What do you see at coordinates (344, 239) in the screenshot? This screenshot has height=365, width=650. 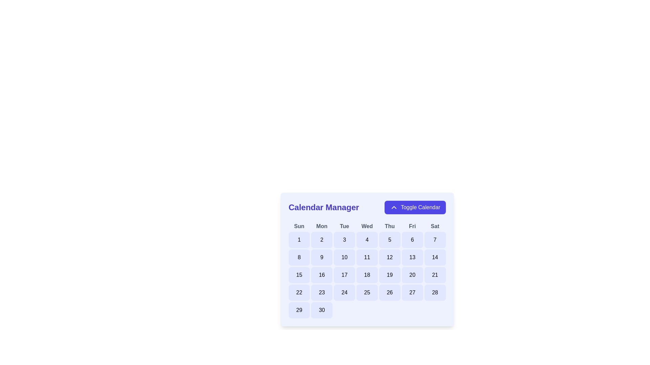 I see `the square button with a light indigo background and the numeral '3' in the center` at bounding box center [344, 239].